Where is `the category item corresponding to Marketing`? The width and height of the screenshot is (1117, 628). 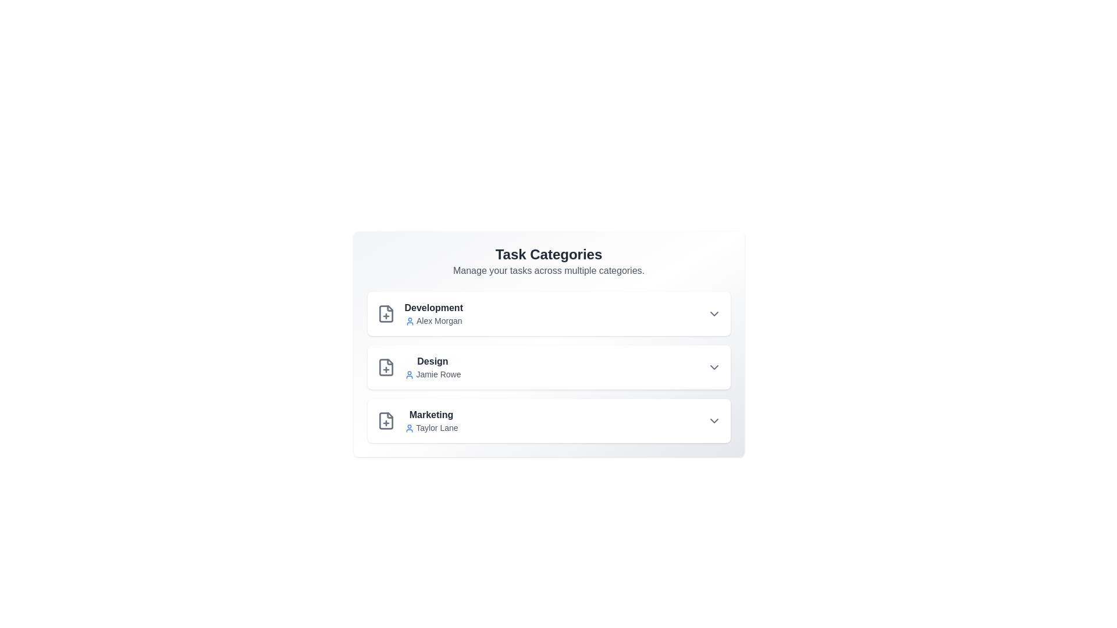 the category item corresponding to Marketing is located at coordinates (548, 421).